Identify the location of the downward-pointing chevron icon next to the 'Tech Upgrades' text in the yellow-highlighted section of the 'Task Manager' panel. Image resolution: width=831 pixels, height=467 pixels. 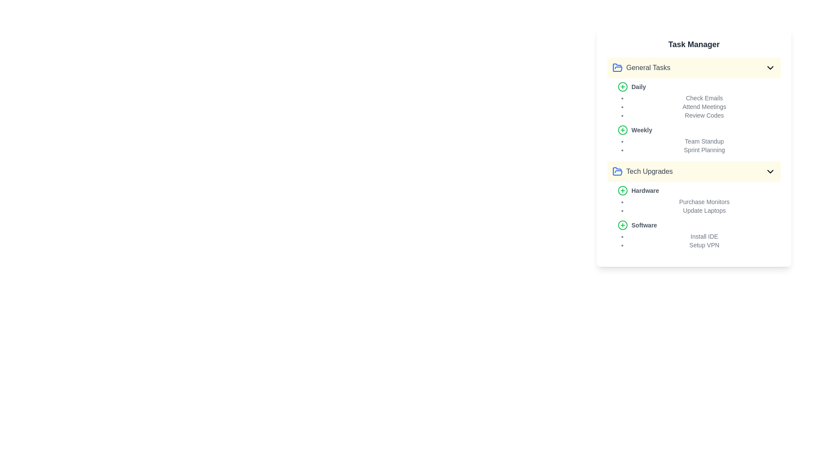
(770, 172).